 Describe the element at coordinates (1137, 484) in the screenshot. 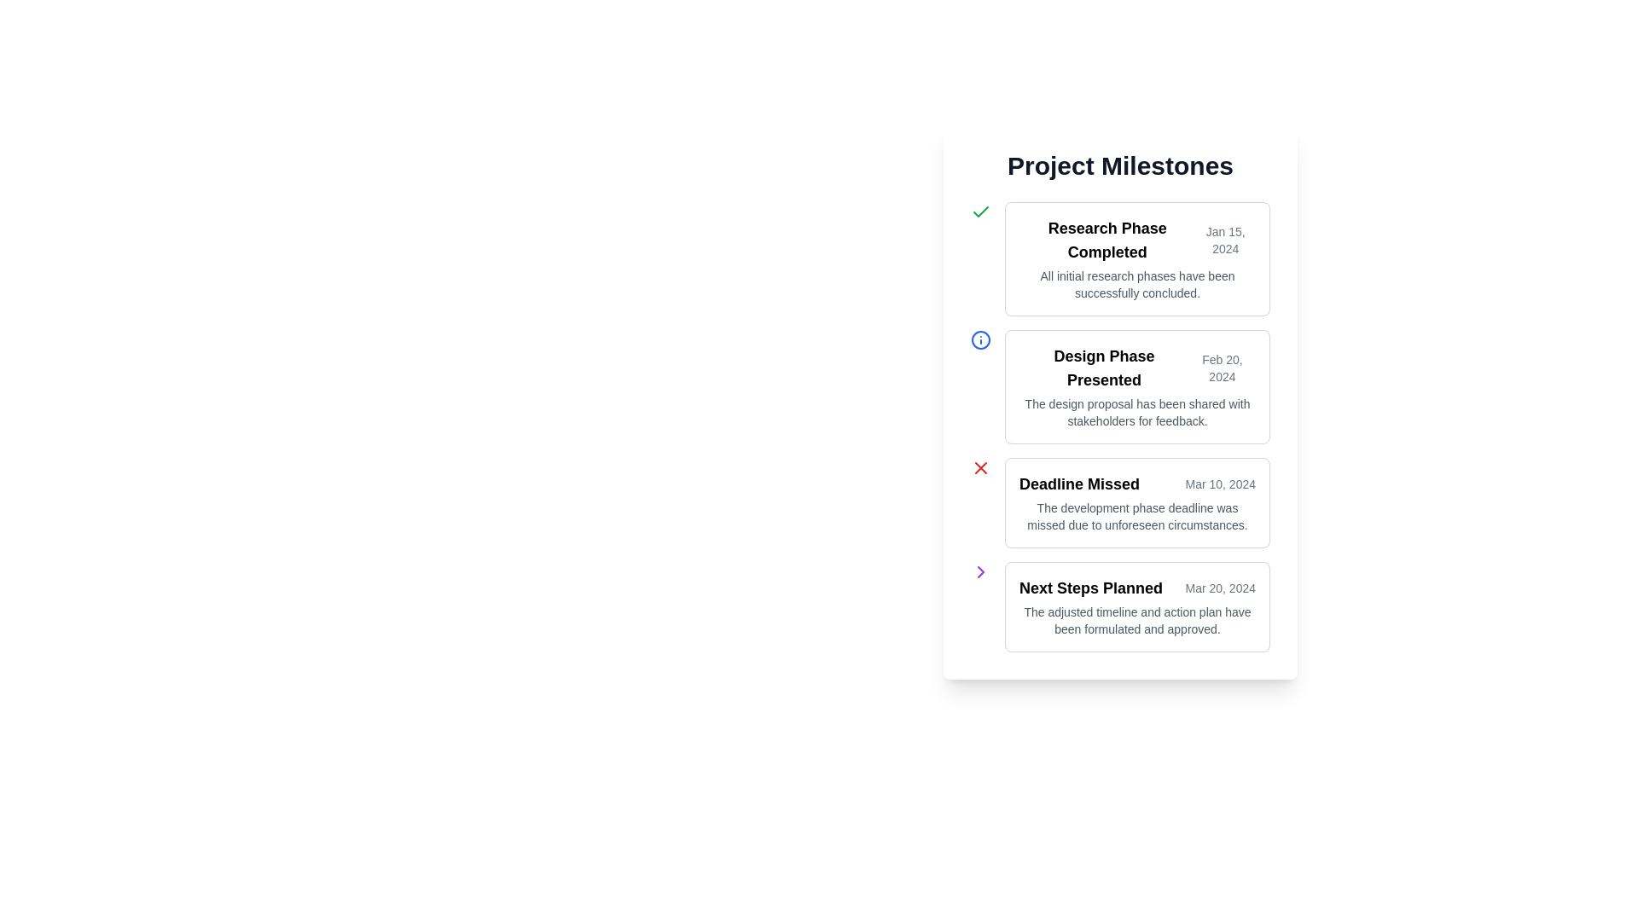

I see `the Text display block indicating the missed deadline status within the third milestone card titled 'Design Phase Presented'` at that location.